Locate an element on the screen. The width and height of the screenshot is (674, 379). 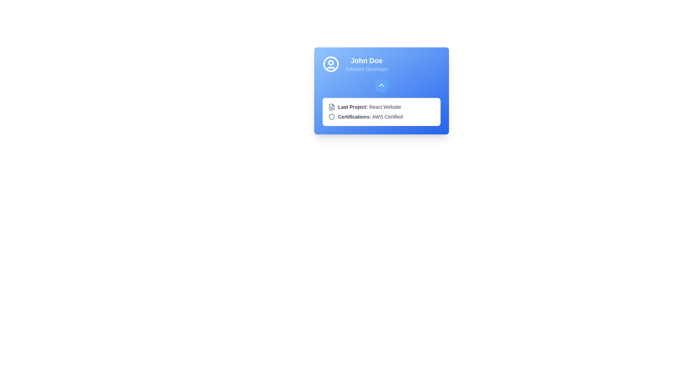
the file document icon located in the left portion of the card, which visually represents a file document concept is located at coordinates (331, 107).